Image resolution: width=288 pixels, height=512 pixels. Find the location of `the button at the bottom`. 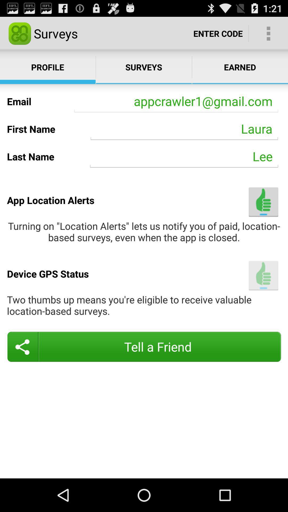

the button at the bottom is located at coordinates (144, 347).